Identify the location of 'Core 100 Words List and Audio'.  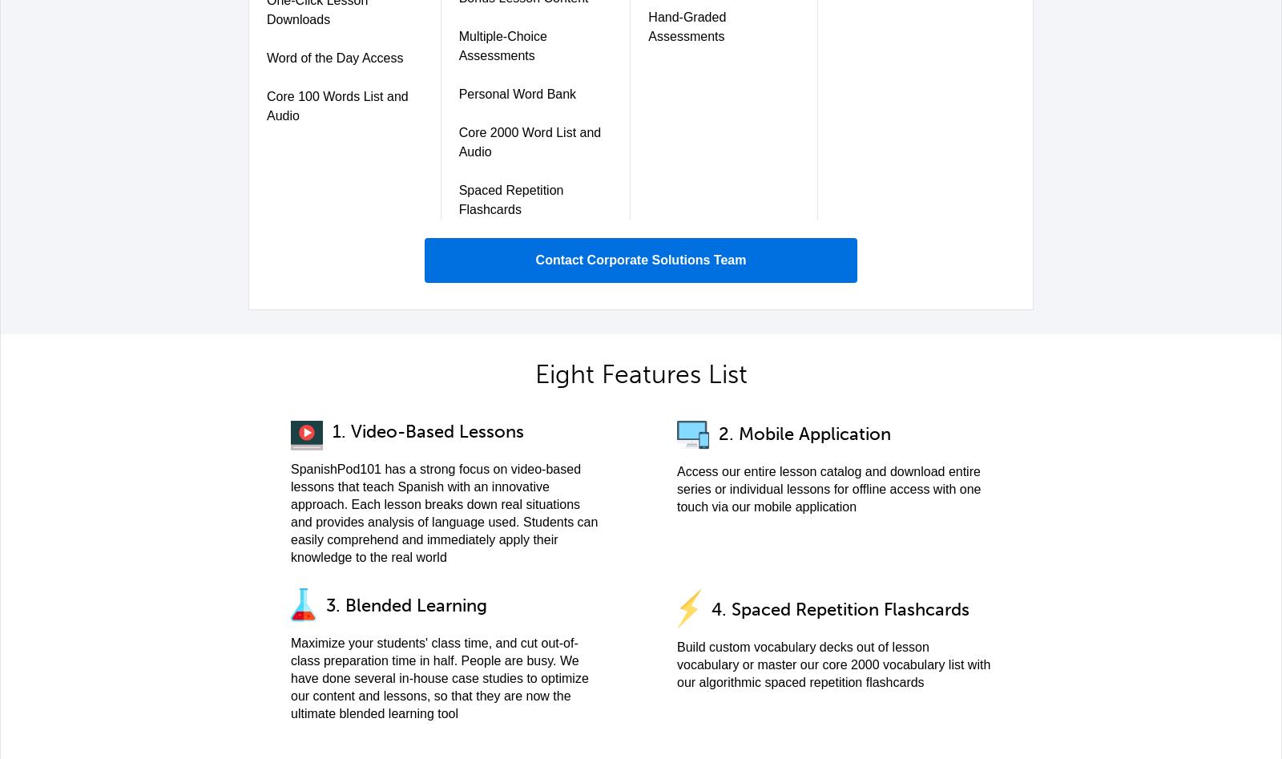
(336, 105).